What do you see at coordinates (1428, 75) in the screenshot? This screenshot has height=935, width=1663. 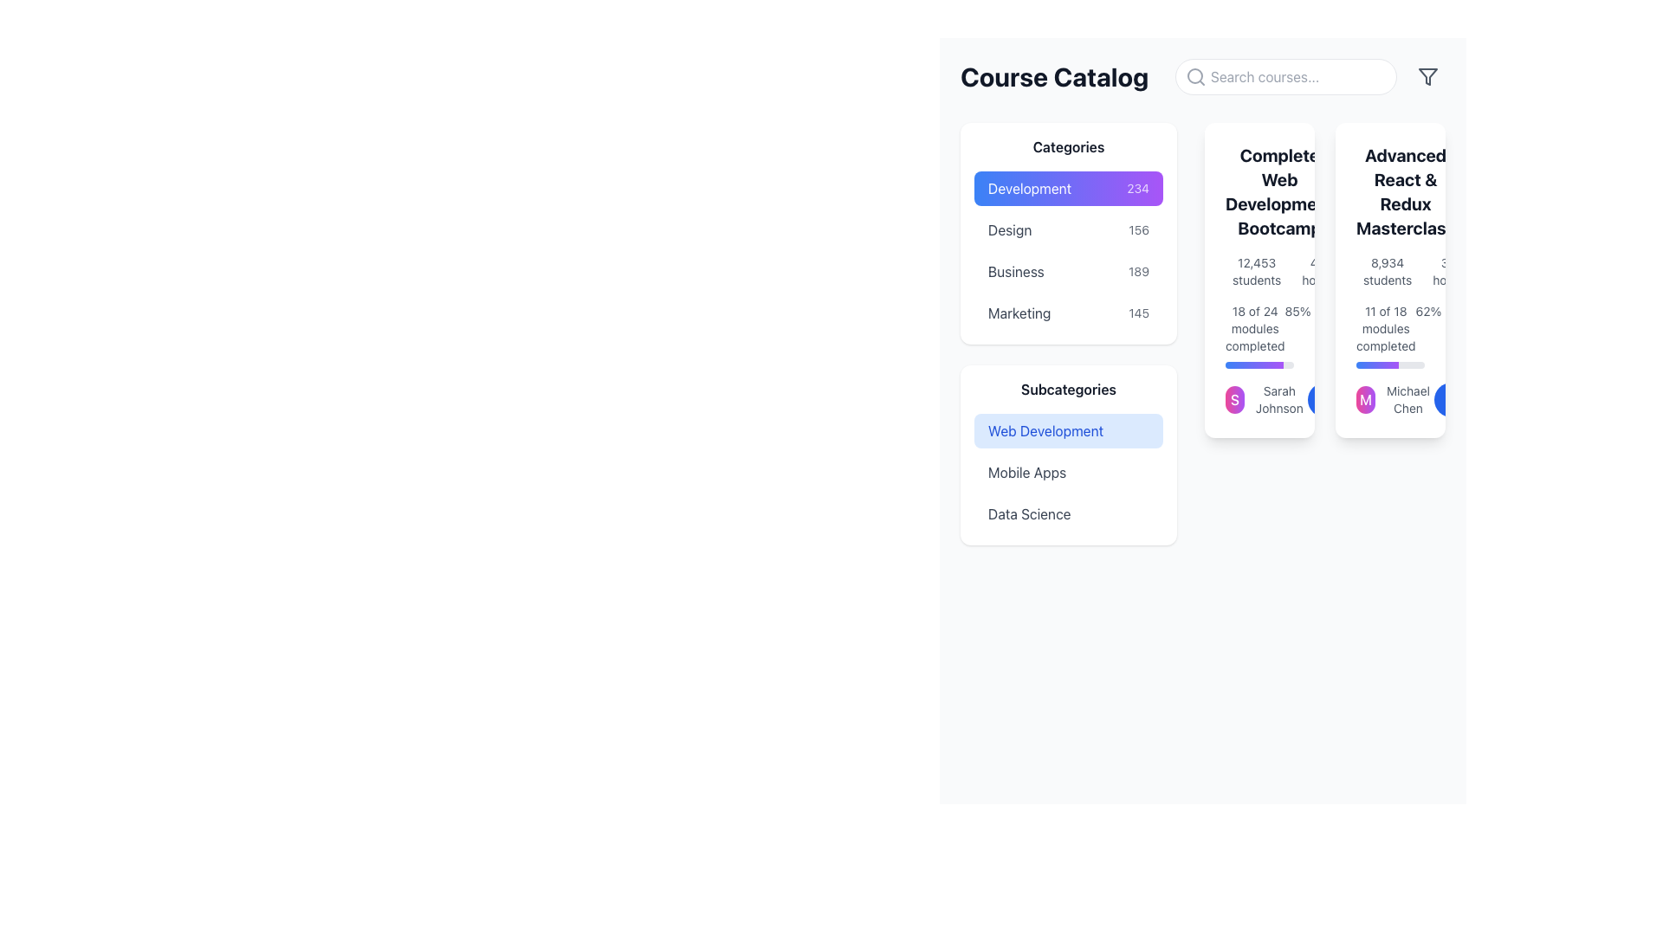 I see `the filter button located at the top-right corner of the interface, near the search bar` at bounding box center [1428, 75].